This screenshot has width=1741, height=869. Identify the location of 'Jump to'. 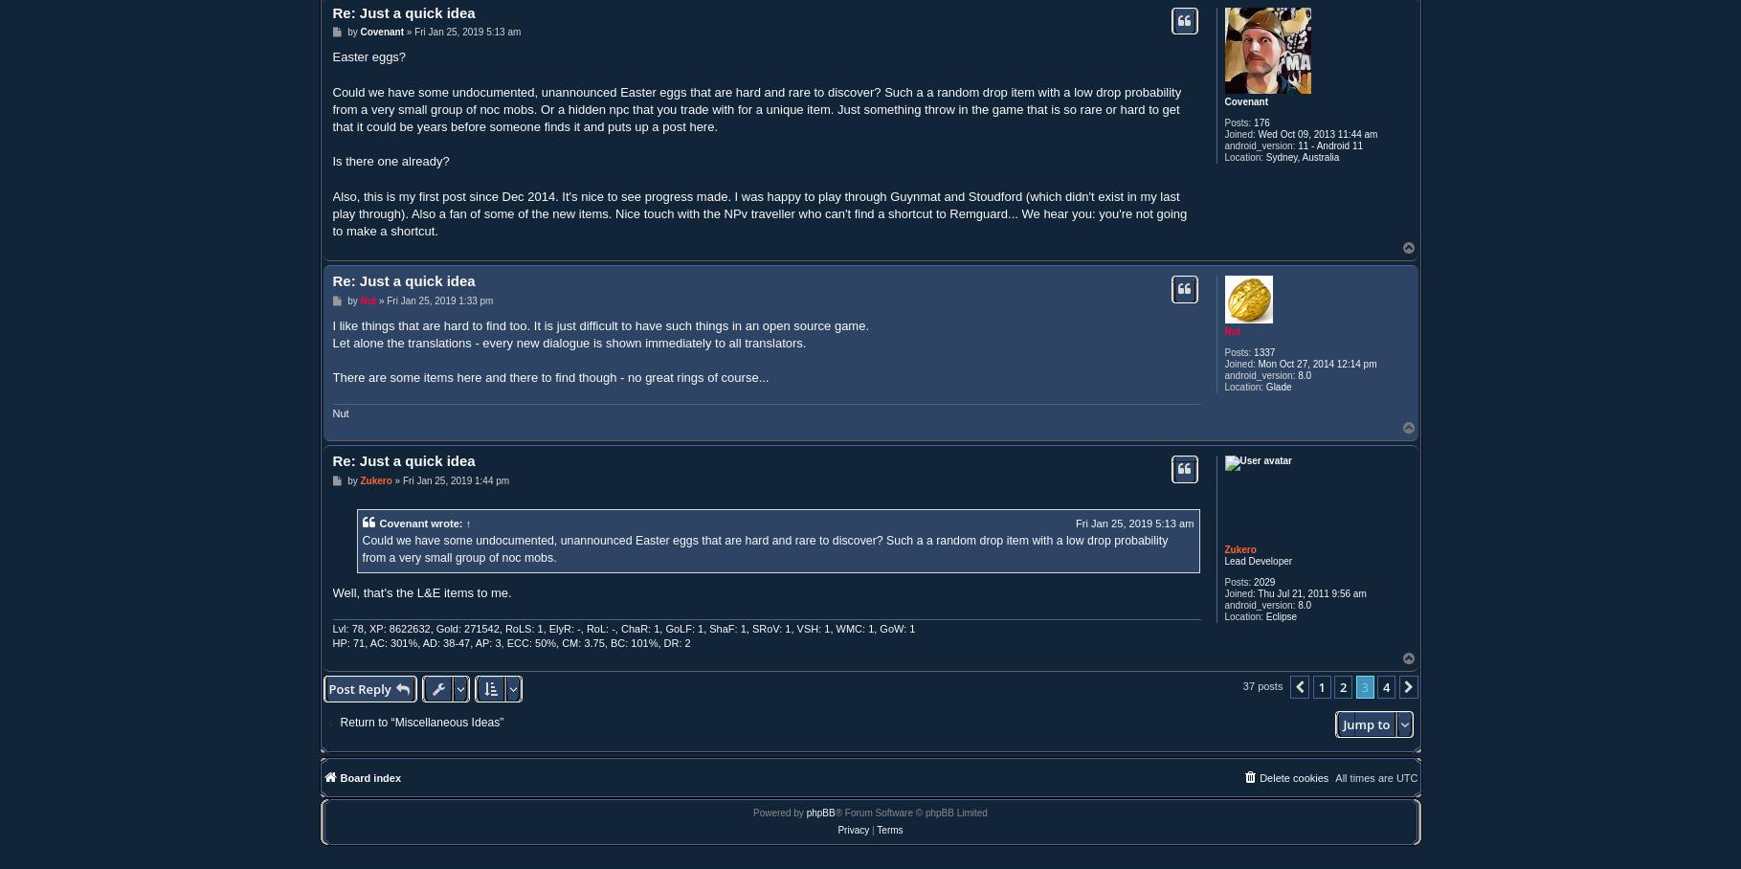
(1365, 724).